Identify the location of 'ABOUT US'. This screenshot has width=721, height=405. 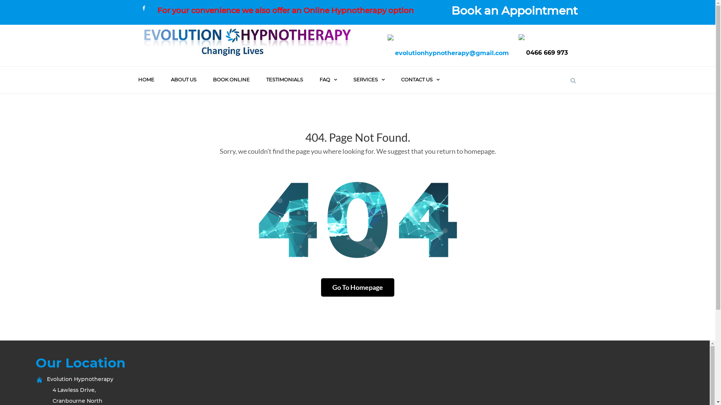
(170, 79).